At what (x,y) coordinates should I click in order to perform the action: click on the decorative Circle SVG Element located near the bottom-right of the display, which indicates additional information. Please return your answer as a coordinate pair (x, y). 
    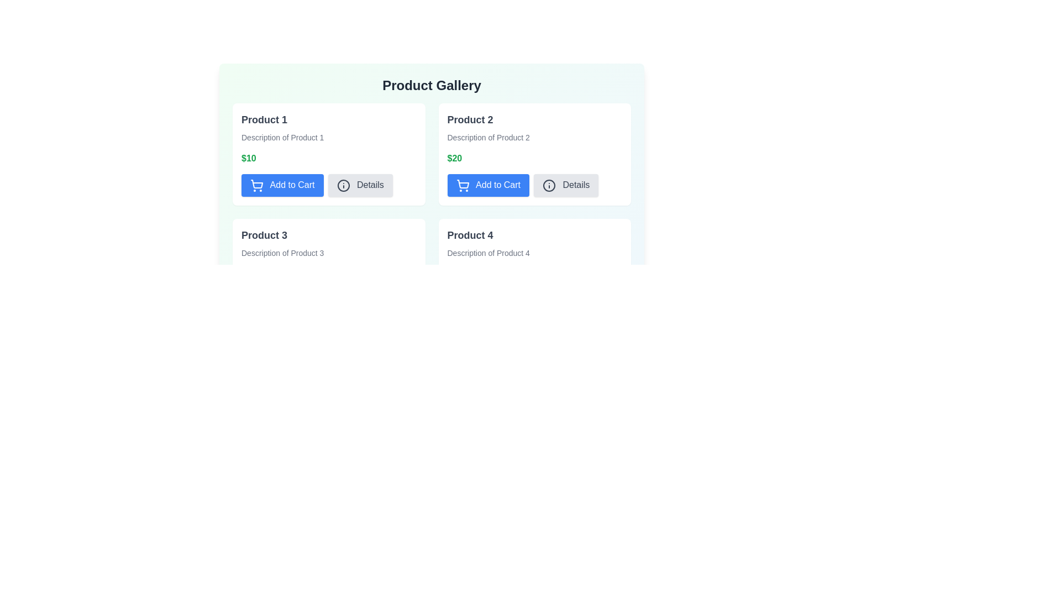
    Looking at the image, I should click on (549, 300).